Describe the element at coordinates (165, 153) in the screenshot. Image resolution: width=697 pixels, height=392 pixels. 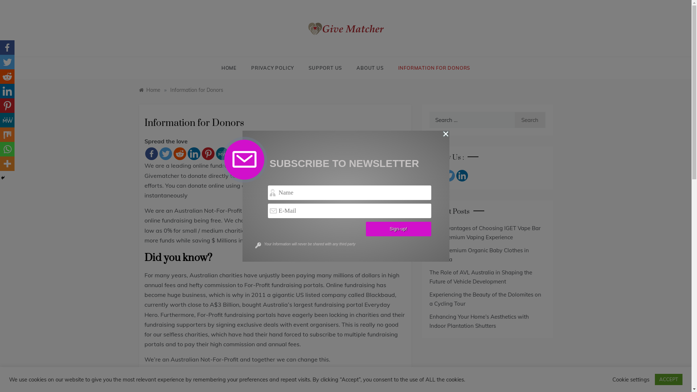
I see `'Twitter'` at that location.